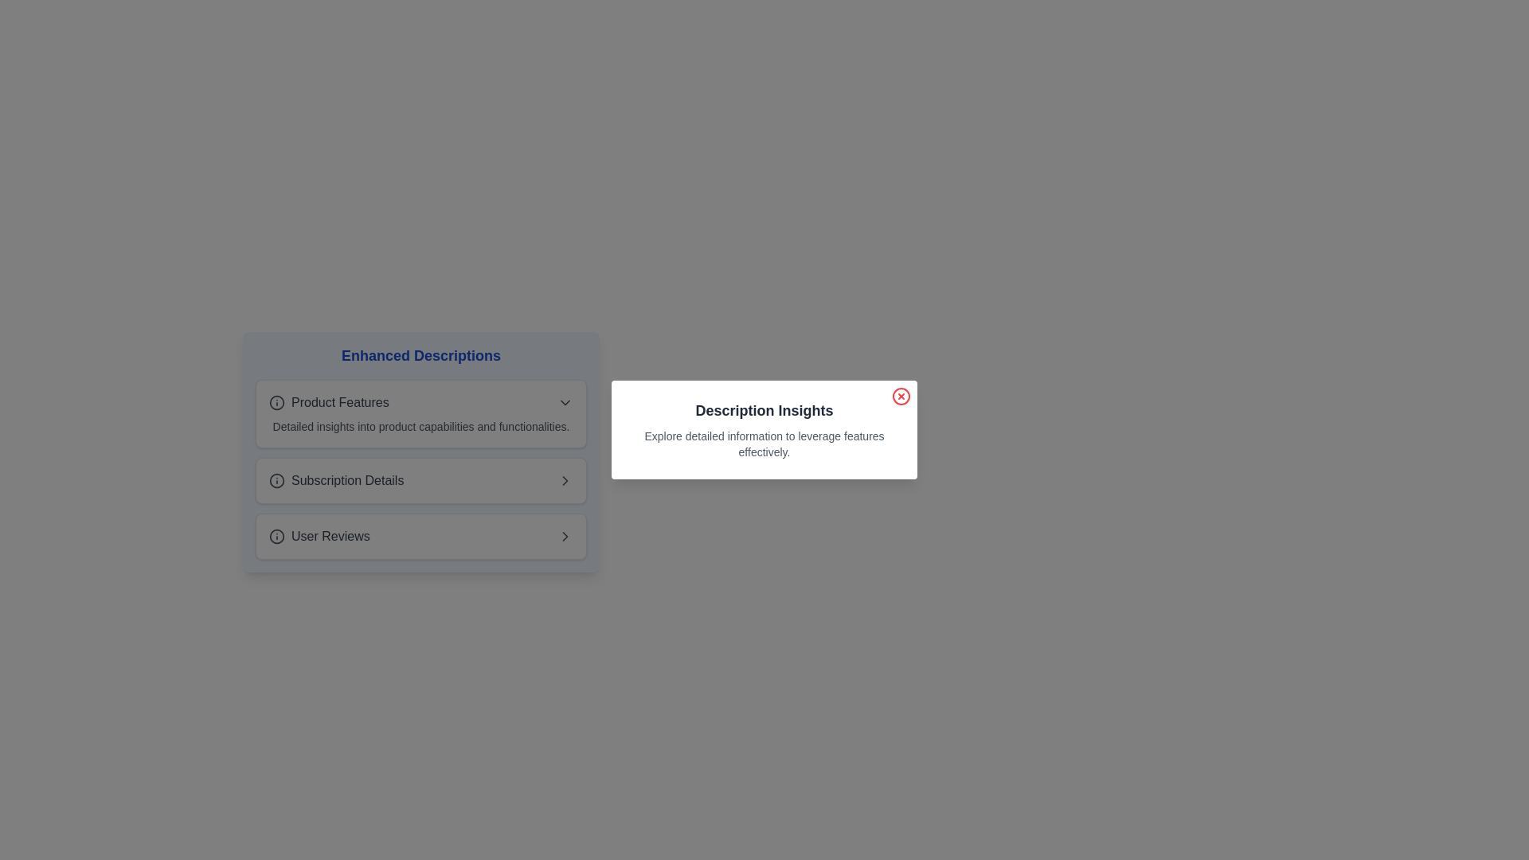 This screenshot has width=1529, height=860. Describe the element at coordinates (276, 480) in the screenshot. I see `the circular SVG component located in the middle of the icon group near 'Subscription Details'` at that location.